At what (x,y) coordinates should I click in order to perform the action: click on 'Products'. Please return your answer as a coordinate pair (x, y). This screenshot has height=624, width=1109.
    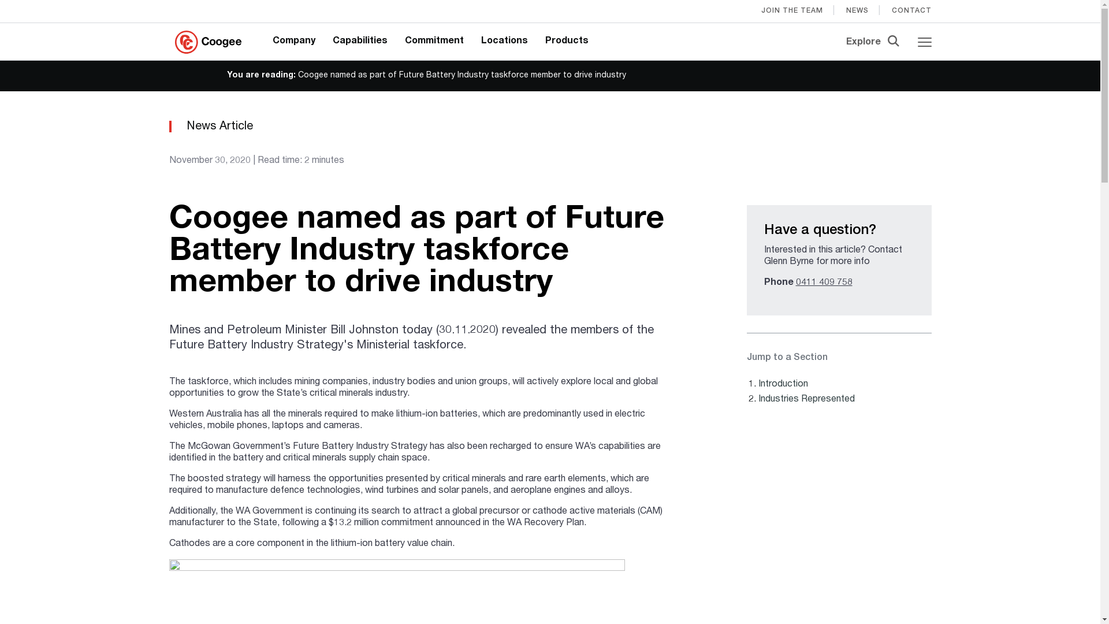
    Looking at the image, I should click on (567, 41).